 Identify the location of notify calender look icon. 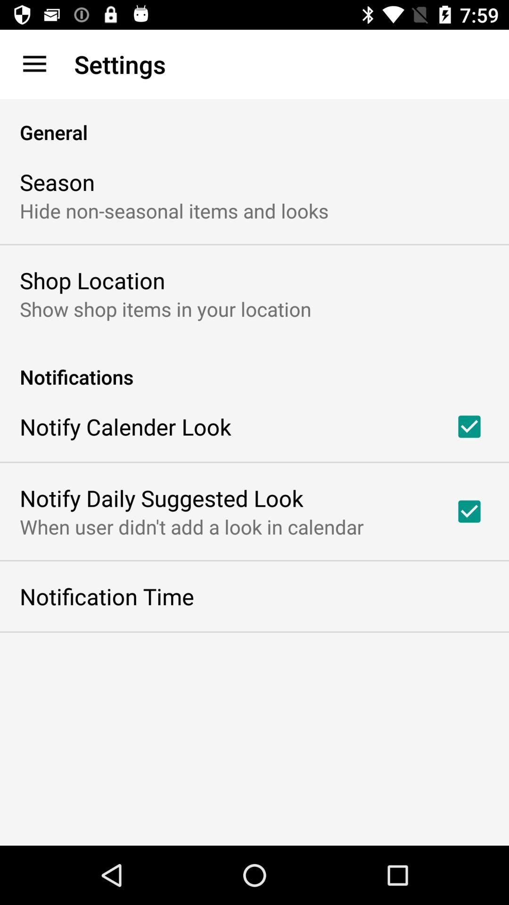
(125, 426).